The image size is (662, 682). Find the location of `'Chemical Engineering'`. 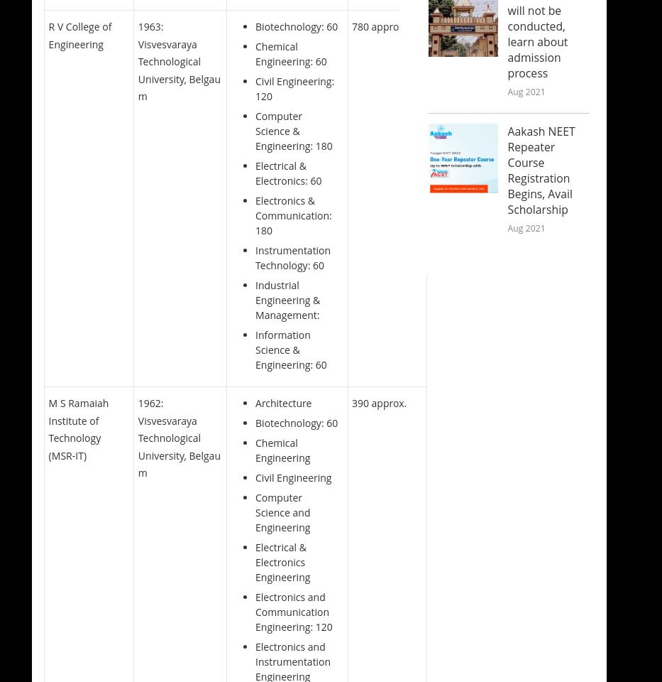

'Chemical Engineering' is located at coordinates (282, 449).